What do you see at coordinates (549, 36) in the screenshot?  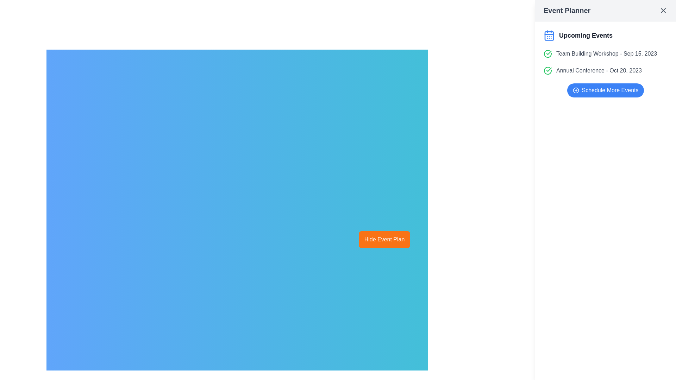 I see `the rectangle with rounded corners that is part of the SVG calendar icon located in the 'Upcoming Events' section of the 'Event Planner' sidebar` at bounding box center [549, 36].